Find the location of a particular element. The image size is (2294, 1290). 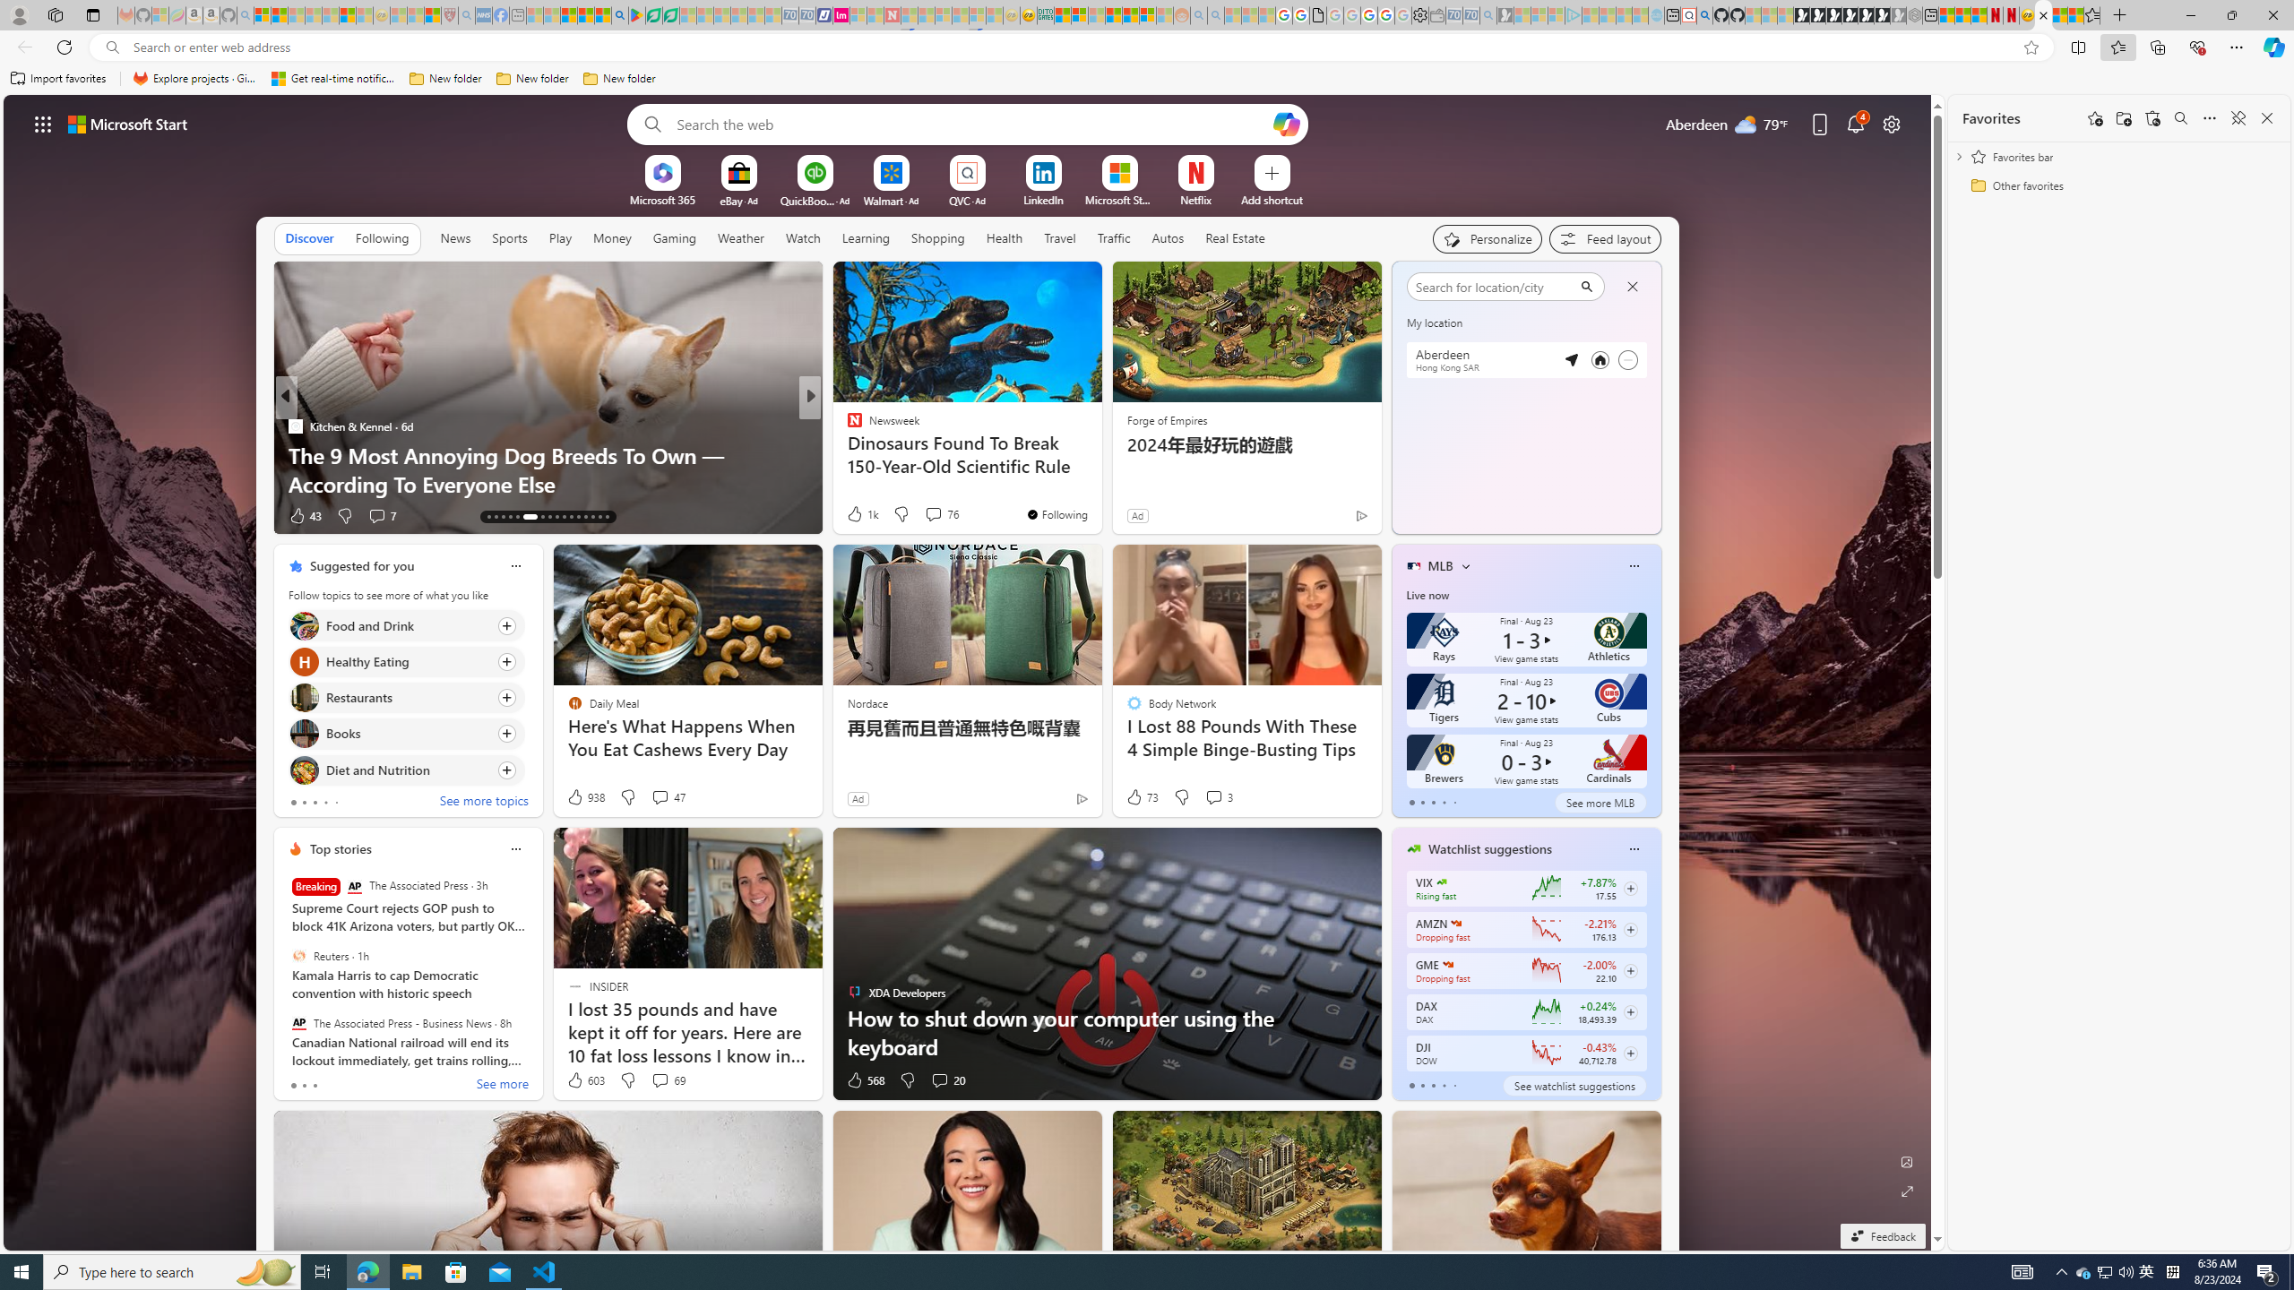

'568 Like' is located at coordinates (865, 1080).